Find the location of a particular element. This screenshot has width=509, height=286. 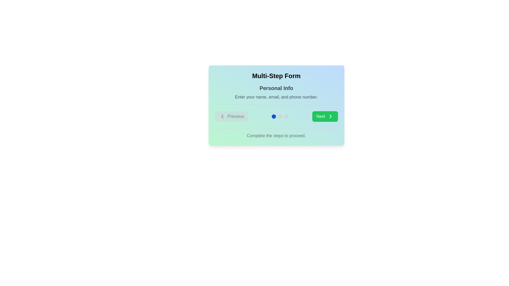

the right navigation arrow icon inside the green 'Next' button located in the bottom-right area of the modal form is located at coordinates (330, 116).